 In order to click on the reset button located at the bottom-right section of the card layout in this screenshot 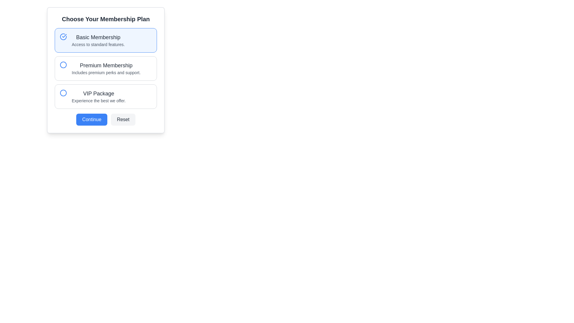, I will do `click(123, 120)`.